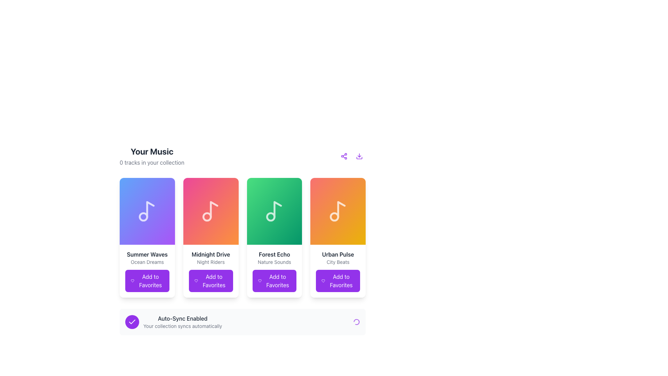 The height and width of the screenshot is (376, 668). What do you see at coordinates (338, 262) in the screenshot?
I see `the static text label positioned within the 'Urban Pulse' card, located directly beneath the main title and above the 'Add to Favorites' button` at bounding box center [338, 262].